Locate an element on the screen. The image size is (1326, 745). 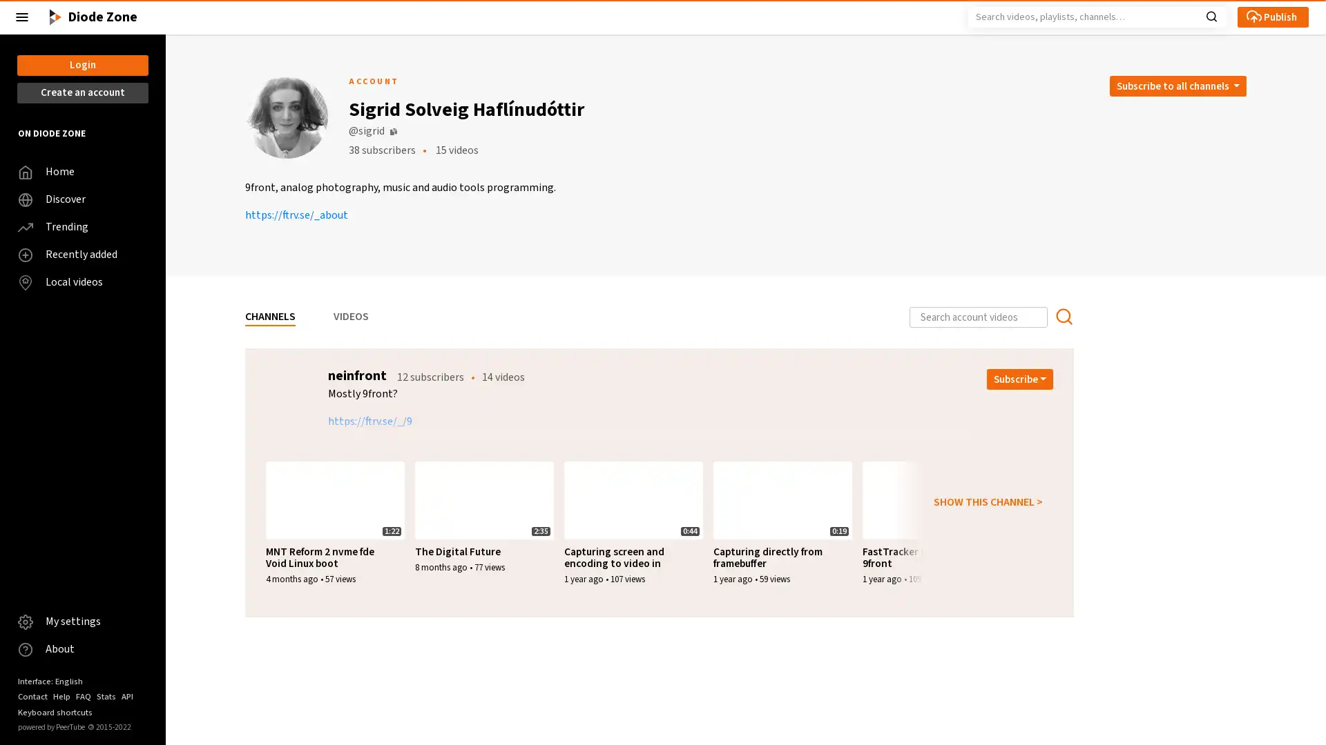
Open subscription dropdown is located at coordinates (1020, 379).